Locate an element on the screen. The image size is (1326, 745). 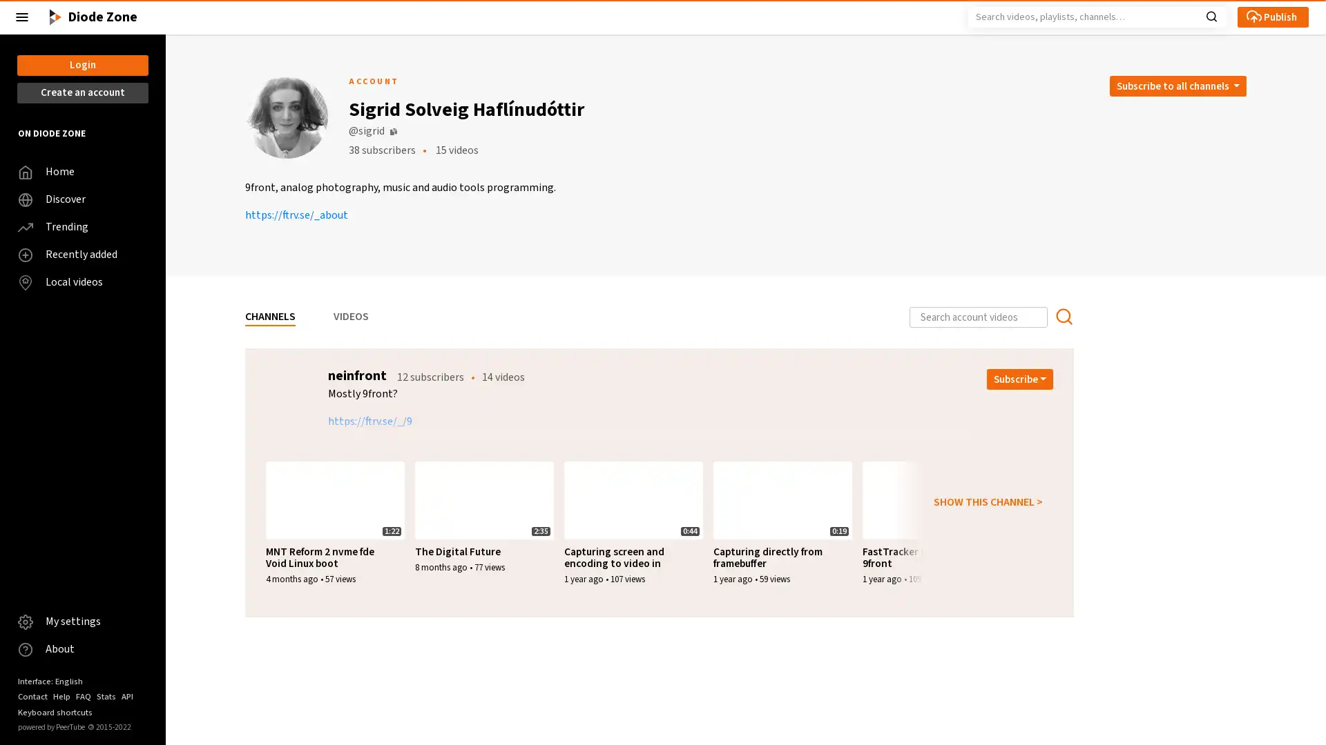
Open subscription dropdown is located at coordinates (1020, 379).